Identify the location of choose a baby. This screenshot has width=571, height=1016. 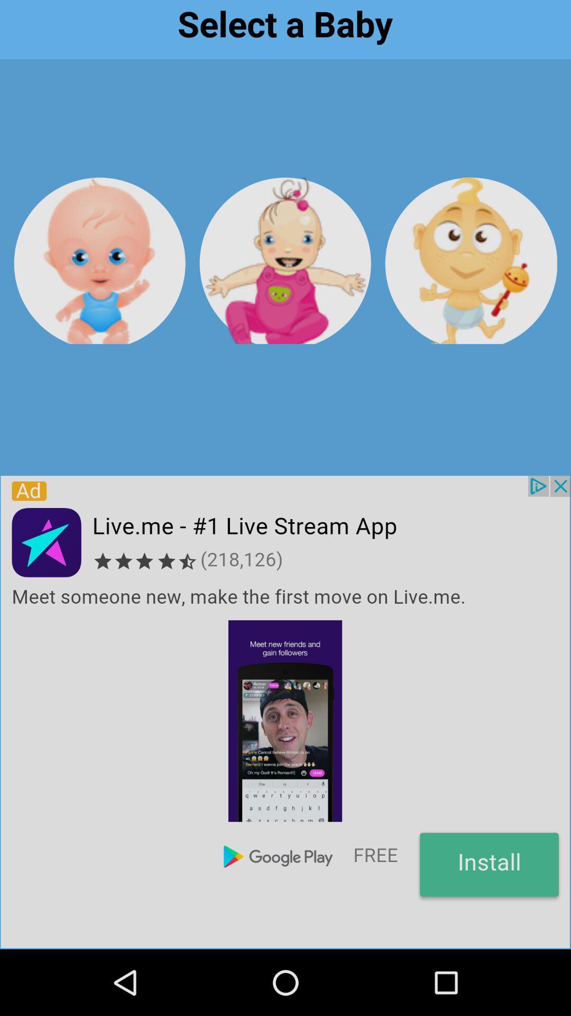
(471, 260).